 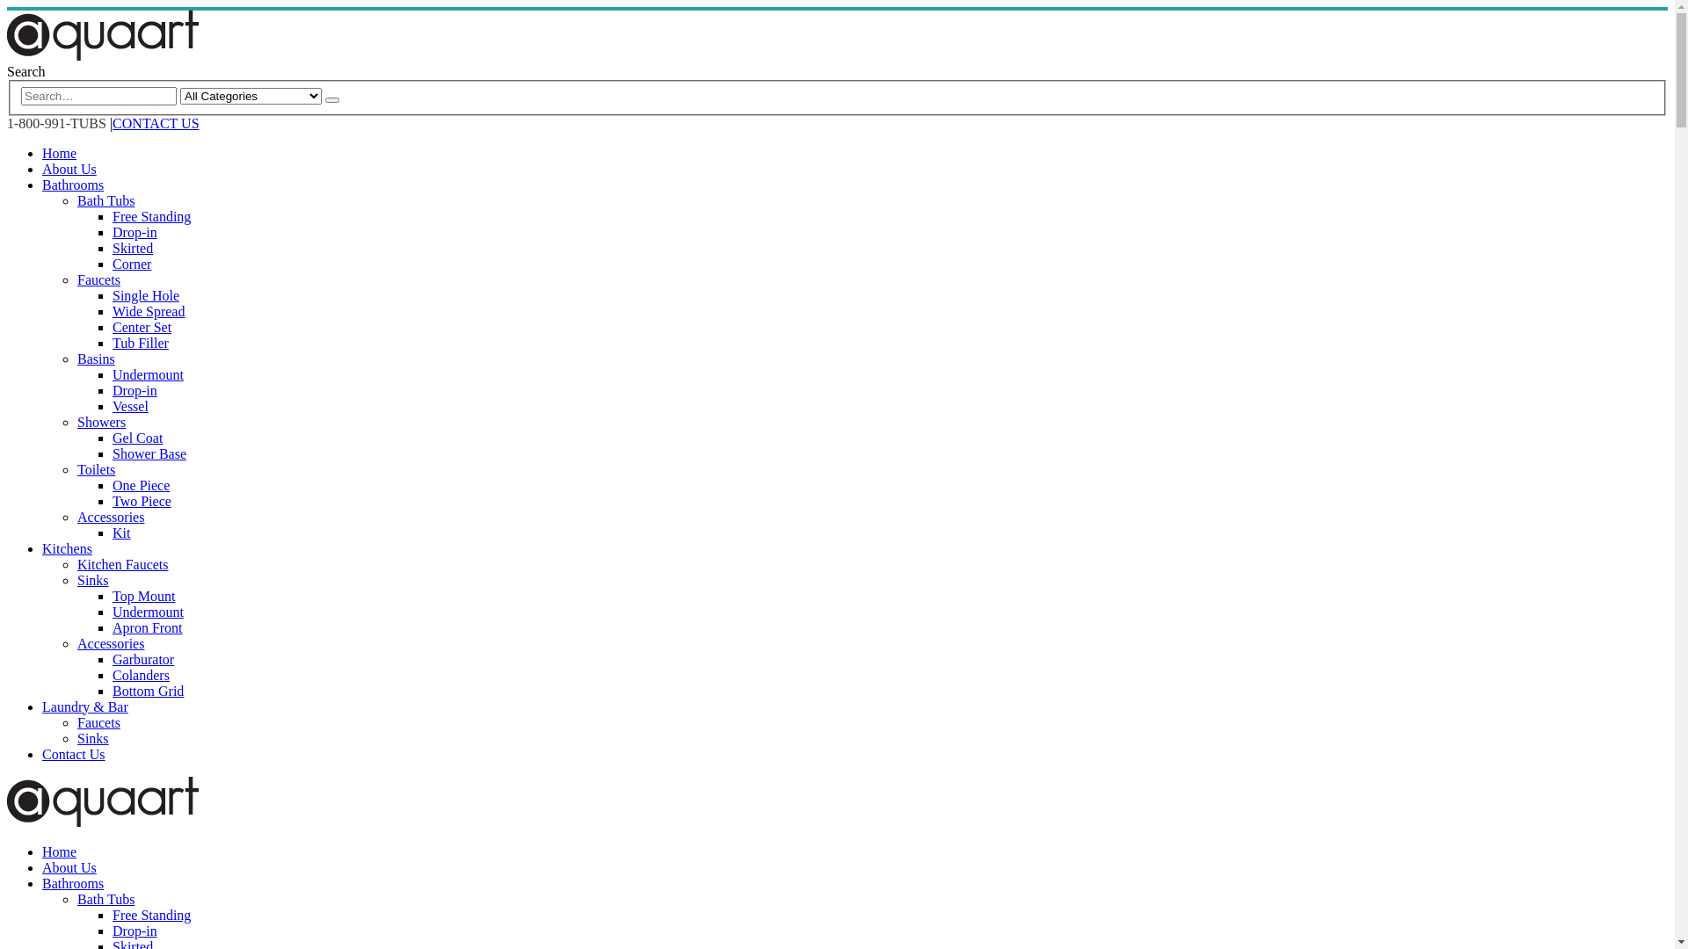 I want to click on 'Garburator', so click(x=112, y=659).